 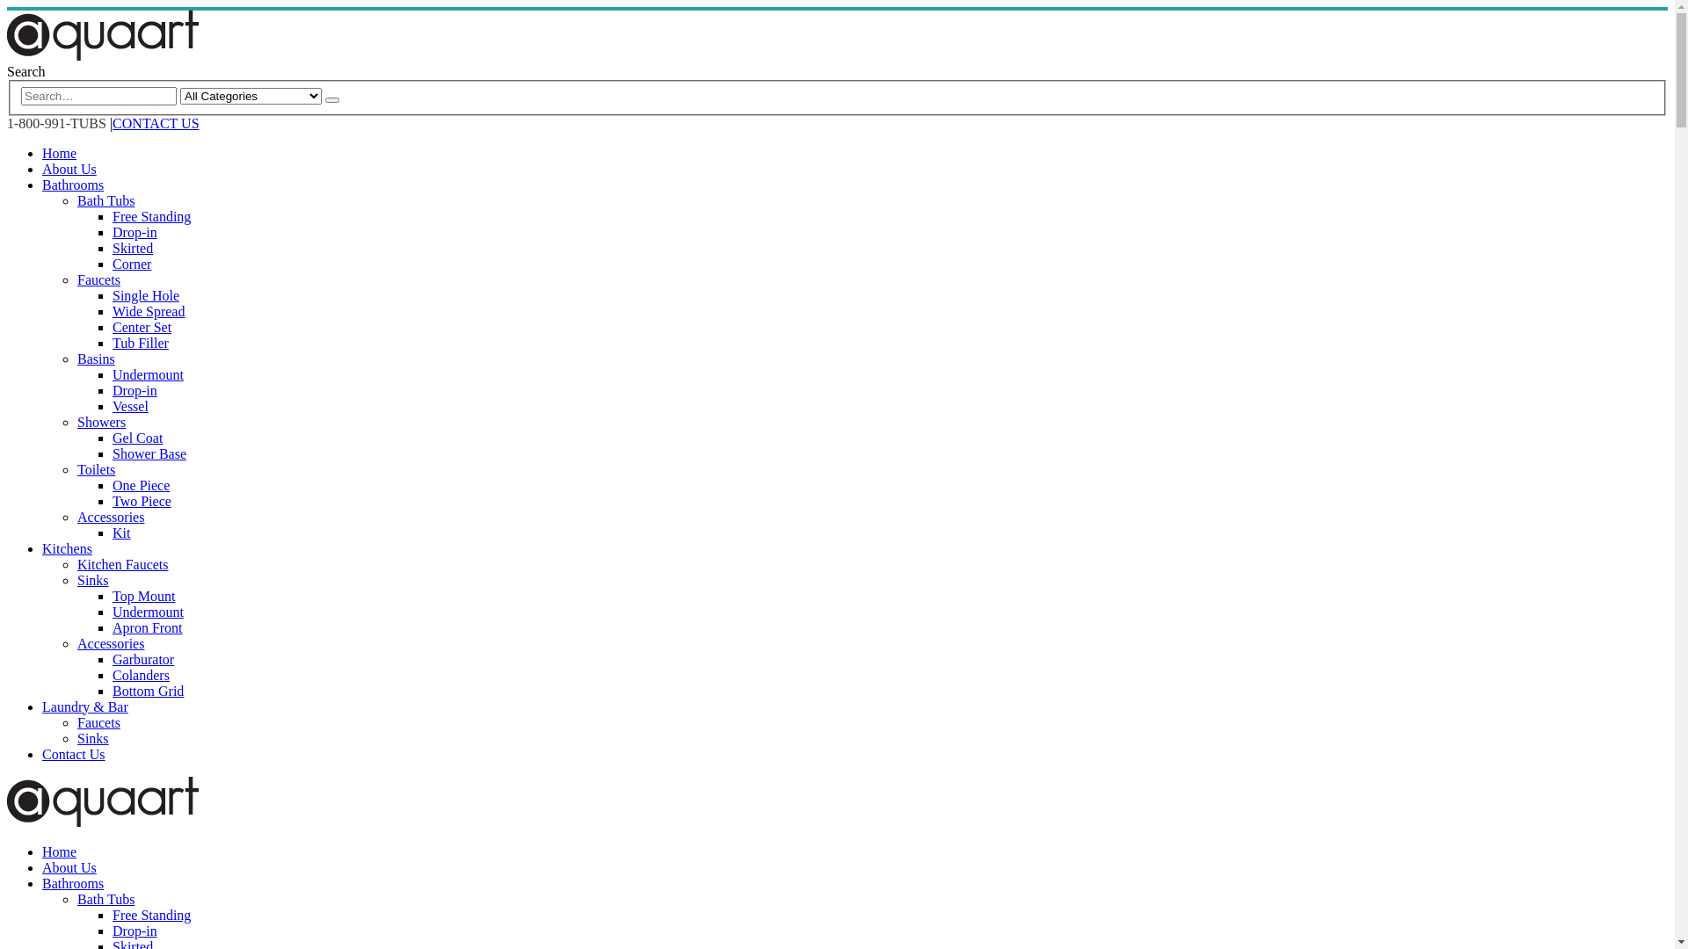 I want to click on 'Garburator', so click(x=112, y=659).